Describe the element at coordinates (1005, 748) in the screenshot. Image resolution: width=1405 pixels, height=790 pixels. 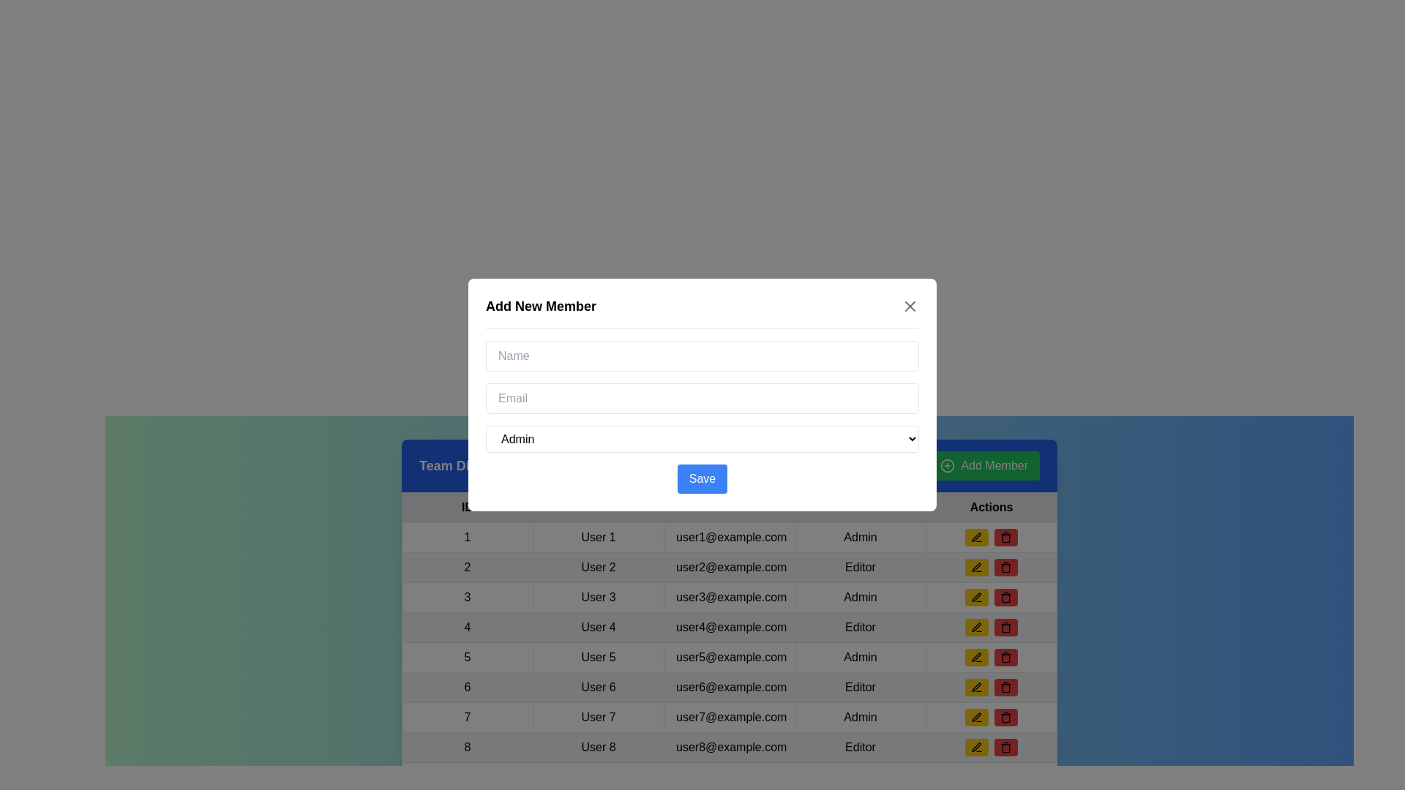
I see `the red button with a trash can icon located on the far right of the row of action buttons to change its color` at that location.